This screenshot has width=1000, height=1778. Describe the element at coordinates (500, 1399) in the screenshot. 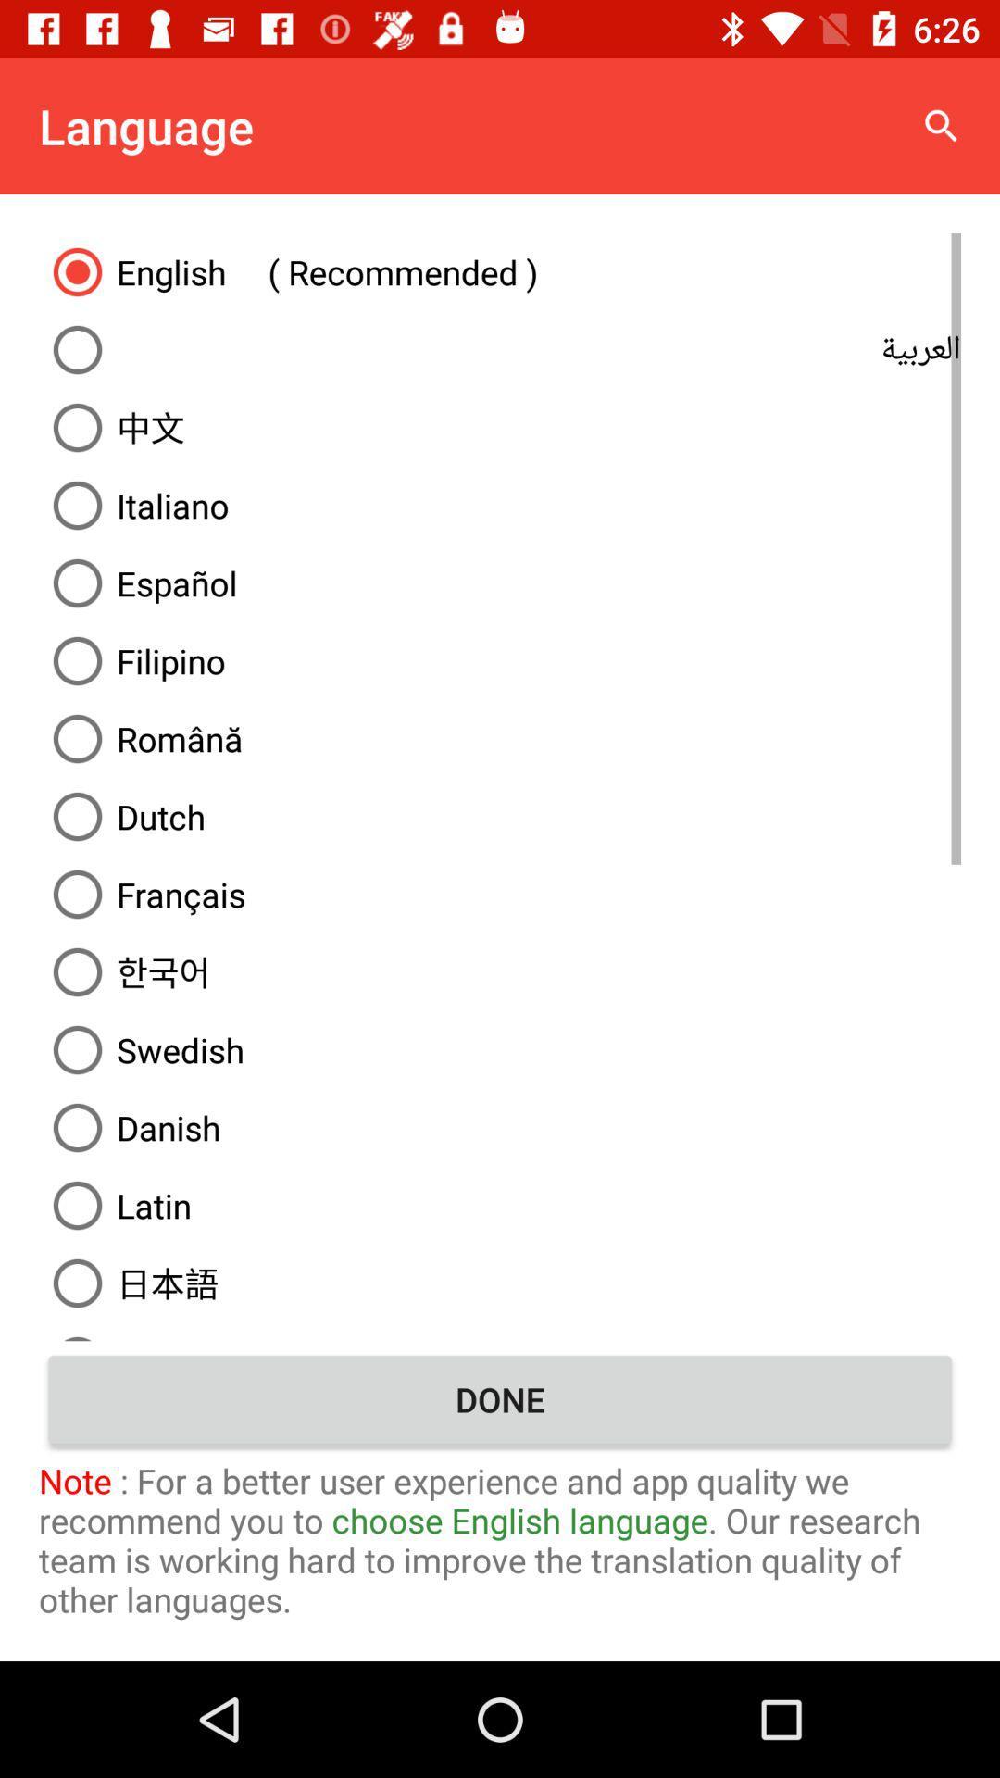

I see `the icon above note for a item` at that location.